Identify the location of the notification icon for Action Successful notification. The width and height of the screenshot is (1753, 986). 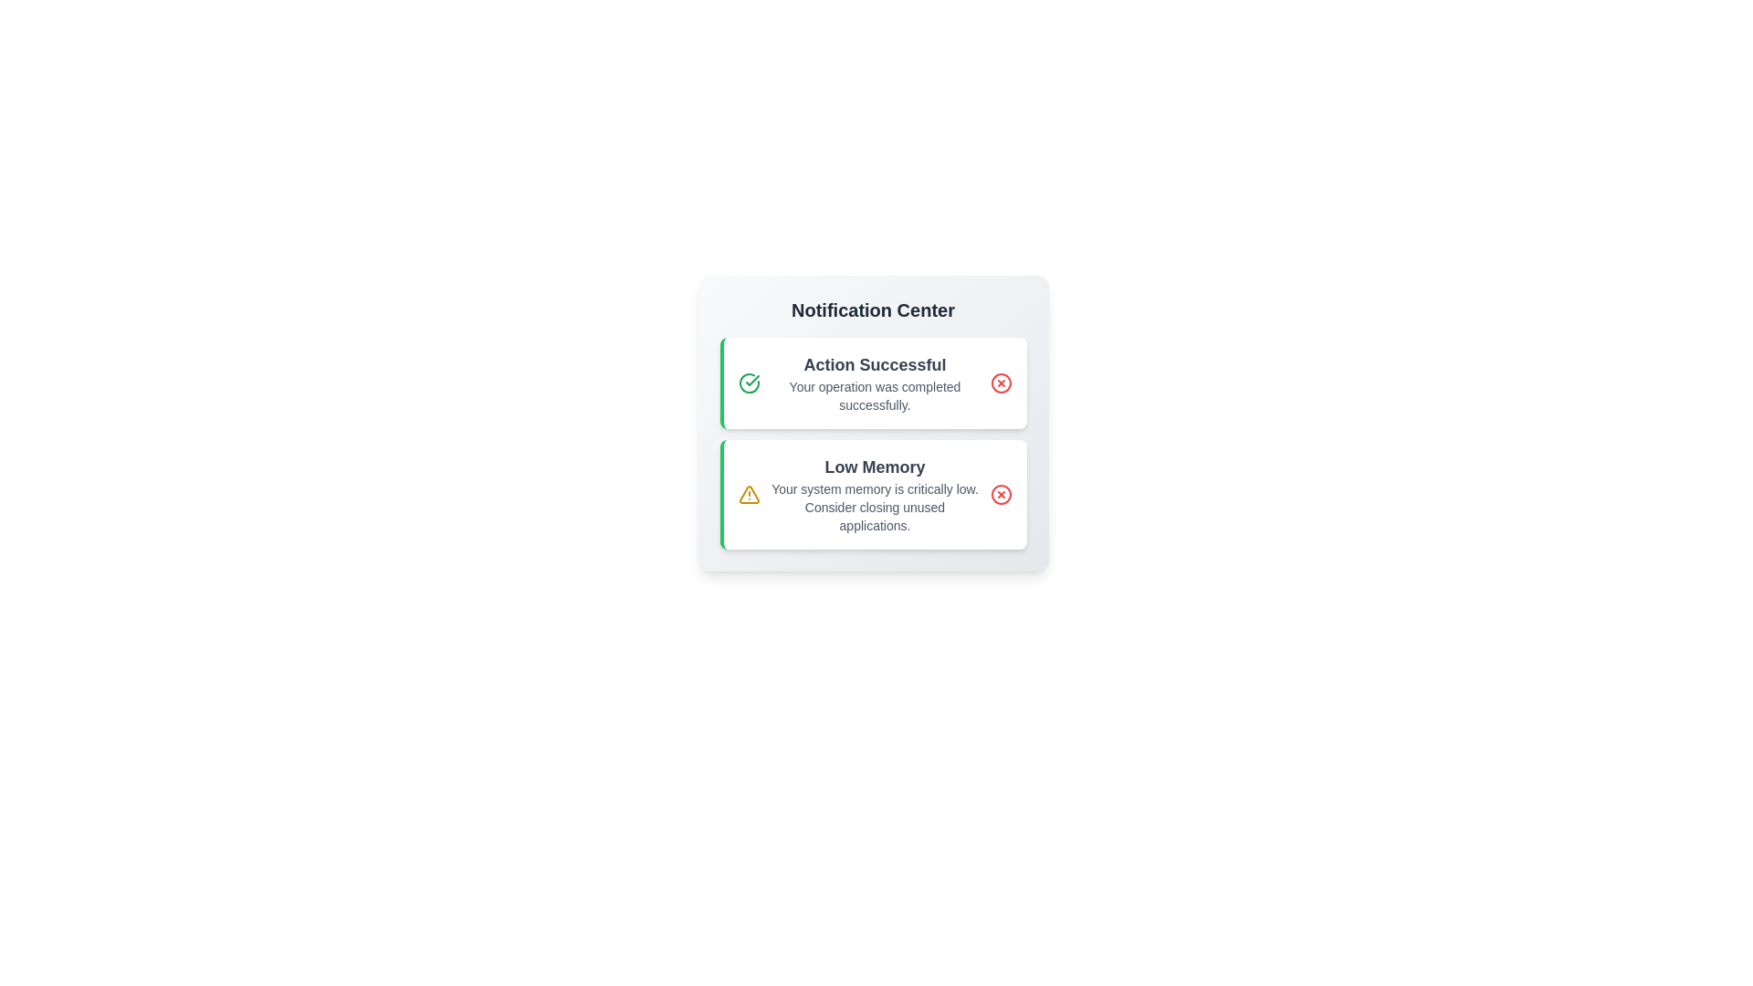
(749, 383).